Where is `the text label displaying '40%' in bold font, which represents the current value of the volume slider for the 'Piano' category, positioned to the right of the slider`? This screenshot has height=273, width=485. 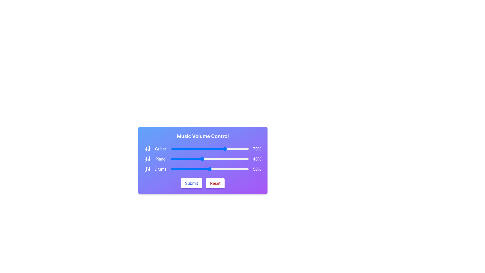
the text label displaying '40%' in bold font, which represents the current value of the volume slider for the 'Piano' category, positioned to the right of the slider is located at coordinates (257, 158).